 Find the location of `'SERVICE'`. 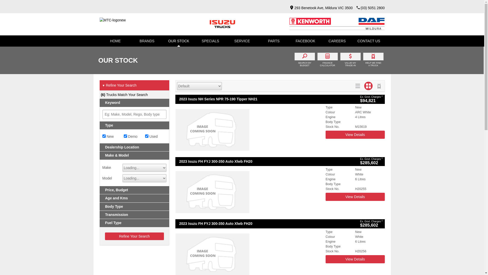

'SERVICE' is located at coordinates (226, 41).